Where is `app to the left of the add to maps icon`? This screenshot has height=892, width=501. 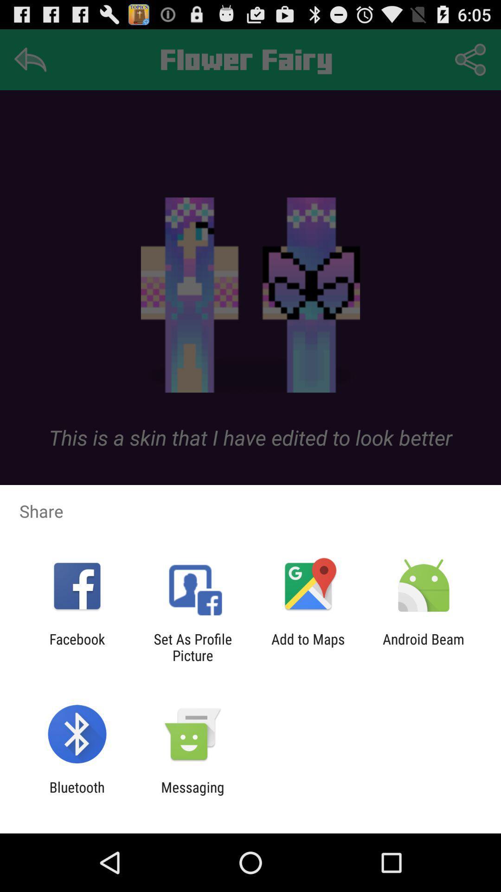
app to the left of the add to maps icon is located at coordinates (192, 647).